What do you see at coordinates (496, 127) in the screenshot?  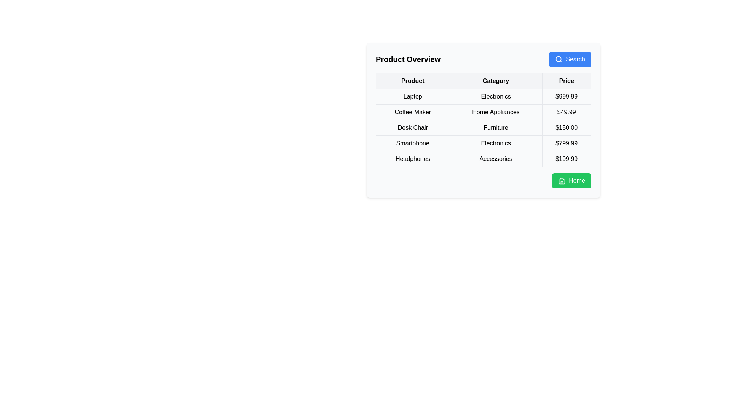 I see `the informational text label indicating the category 'Desk Chair' located in the second cell of the 'Category' column` at bounding box center [496, 127].